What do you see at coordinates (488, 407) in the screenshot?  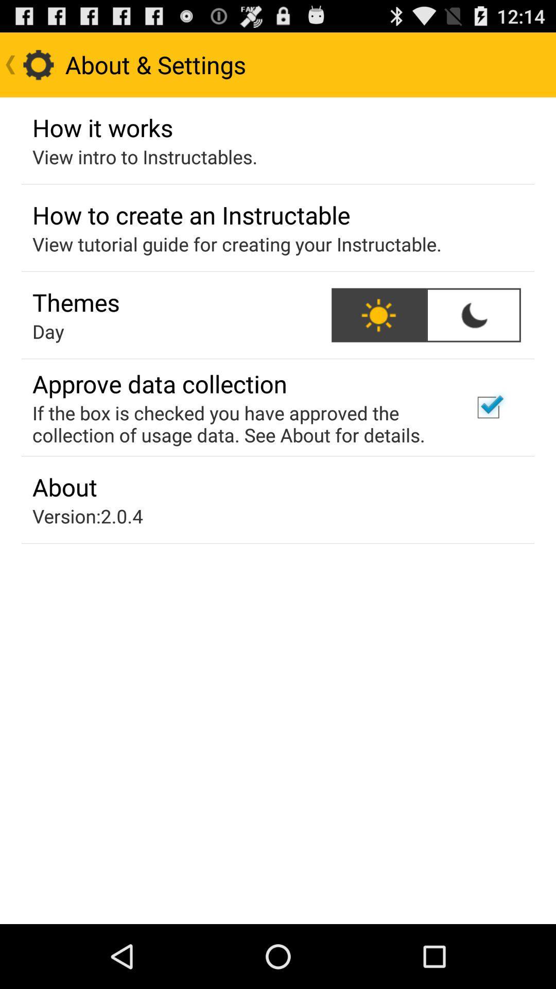 I see `tap the checkbox which is just right to approve data collection` at bounding box center [488, 407].